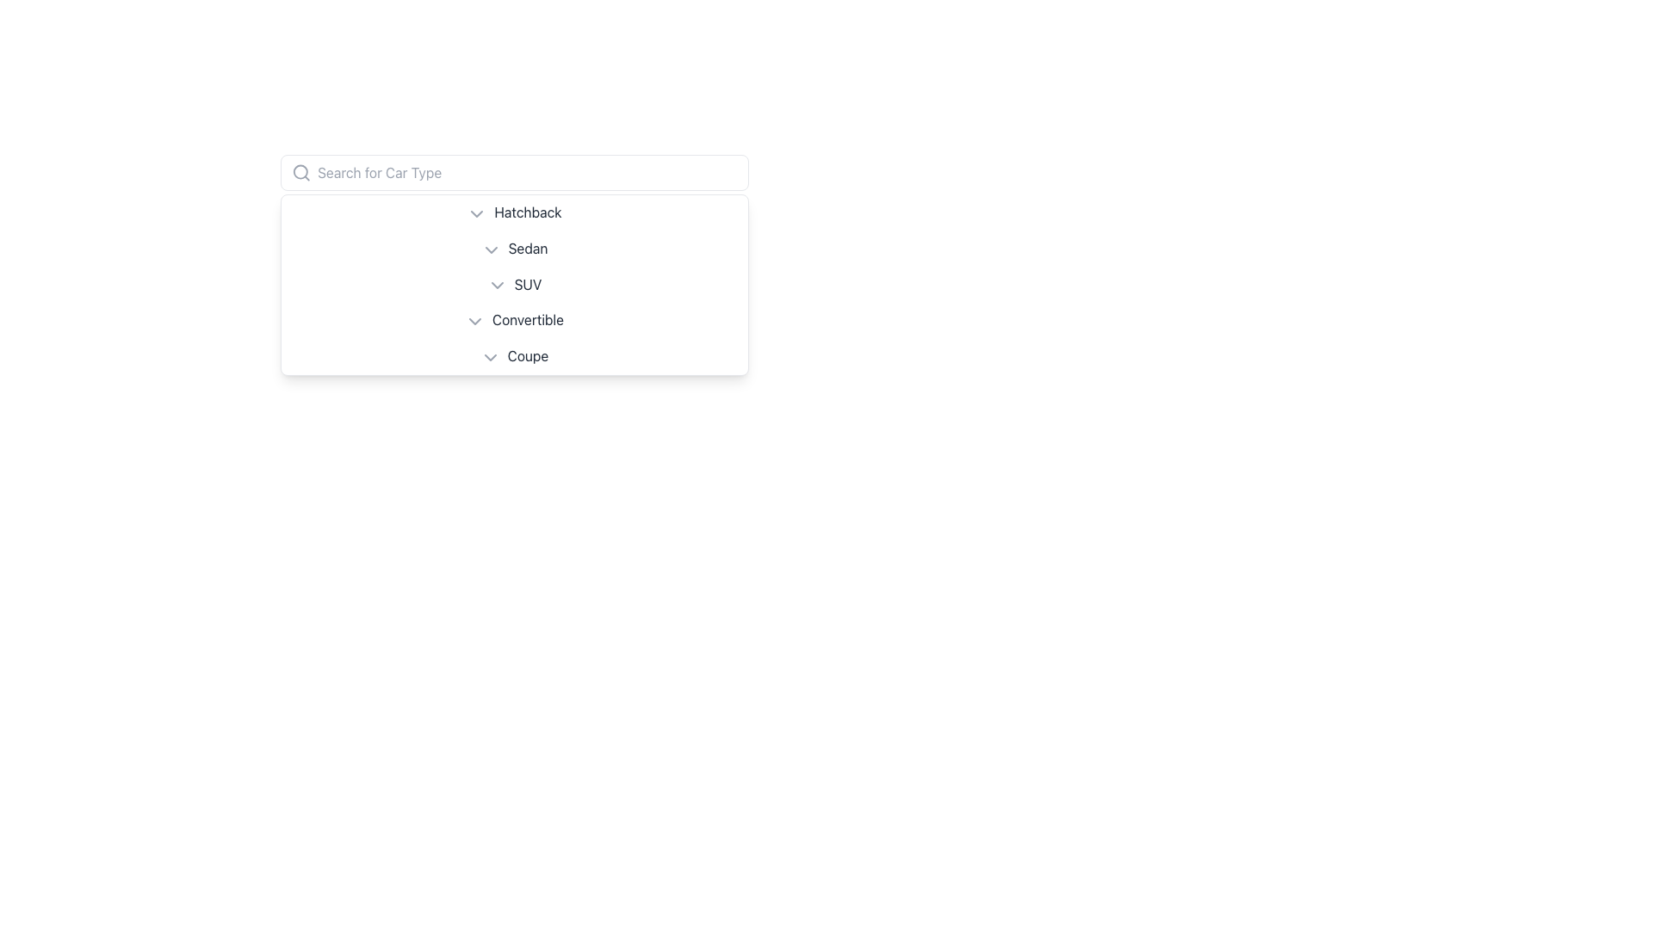 The image size is (1653, 929). Describe the element at coordinates (300, 172) in the screenshot. I see `the circular icon component of the magnifying glass located at the leftmost part of the 'Search for Car Type' input field` at that location.